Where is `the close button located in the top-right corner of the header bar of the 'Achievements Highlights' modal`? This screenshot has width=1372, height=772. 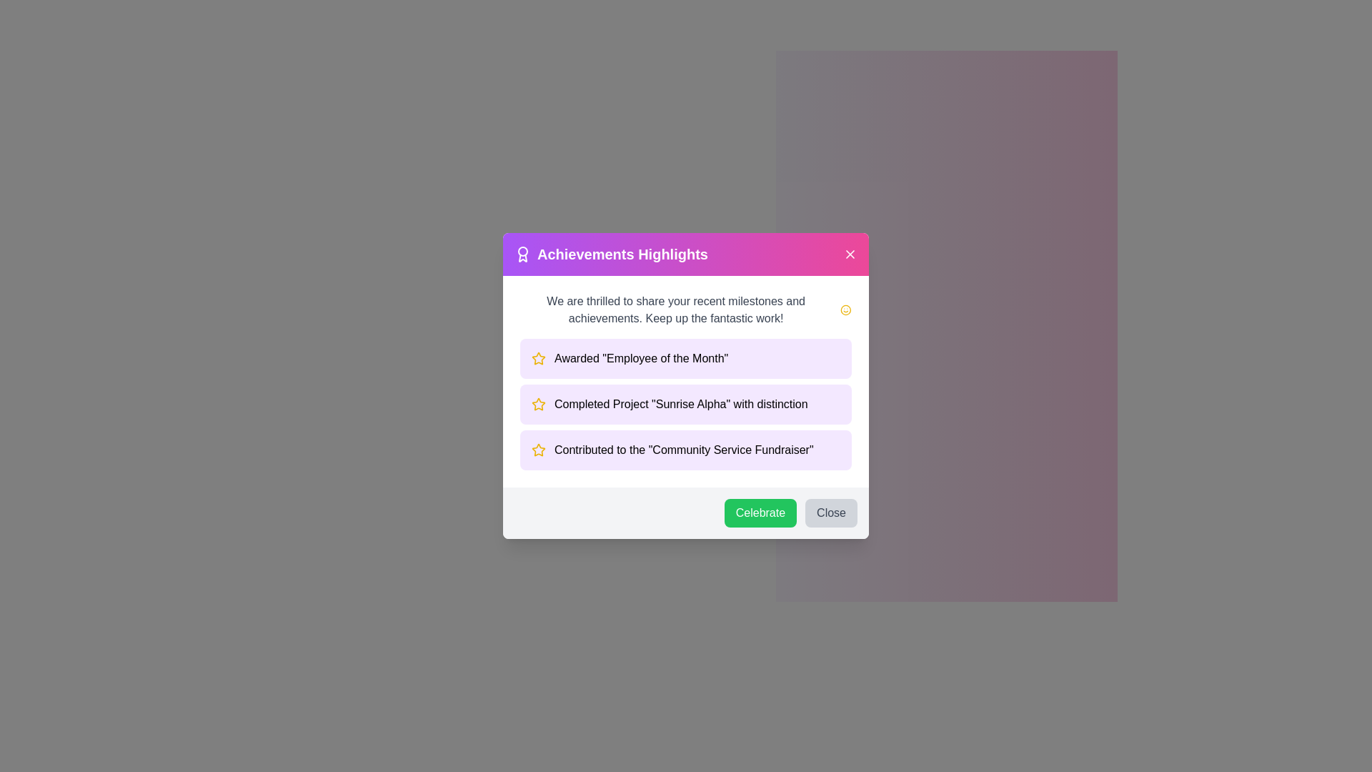
the close button located in the top-right corner of the header bar of the 'Achievements Highlights' modal is located at coordinates (850, 253).